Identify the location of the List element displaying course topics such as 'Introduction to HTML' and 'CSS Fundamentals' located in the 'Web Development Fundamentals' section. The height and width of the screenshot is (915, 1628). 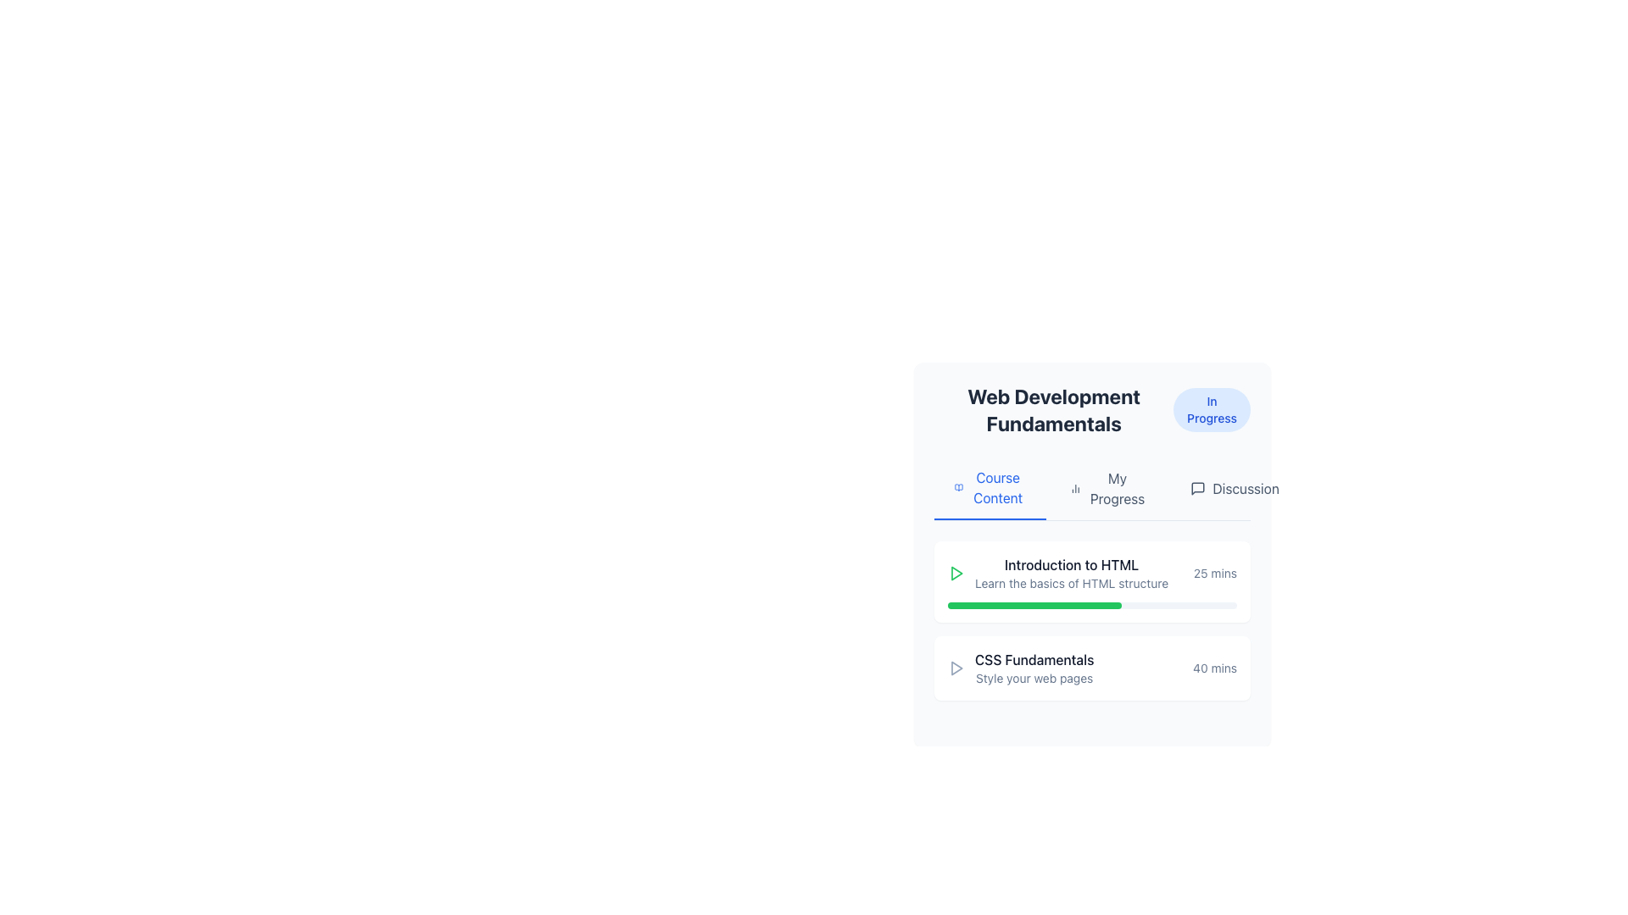
(1092, 578).